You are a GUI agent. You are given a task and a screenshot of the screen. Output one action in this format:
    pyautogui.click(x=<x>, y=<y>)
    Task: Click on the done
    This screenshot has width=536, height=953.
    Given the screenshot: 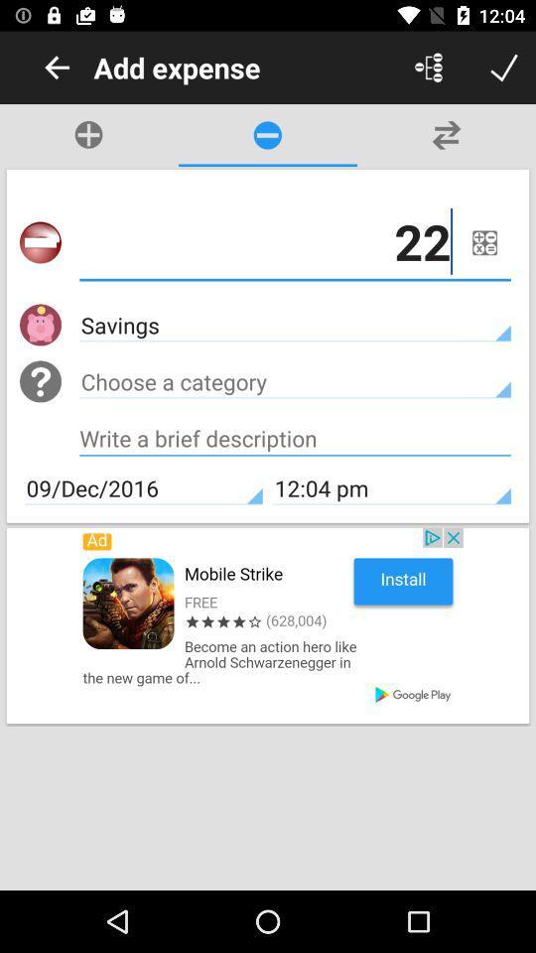 What is the action you would take?
    pyautogui.click(x=504, y=68)
    